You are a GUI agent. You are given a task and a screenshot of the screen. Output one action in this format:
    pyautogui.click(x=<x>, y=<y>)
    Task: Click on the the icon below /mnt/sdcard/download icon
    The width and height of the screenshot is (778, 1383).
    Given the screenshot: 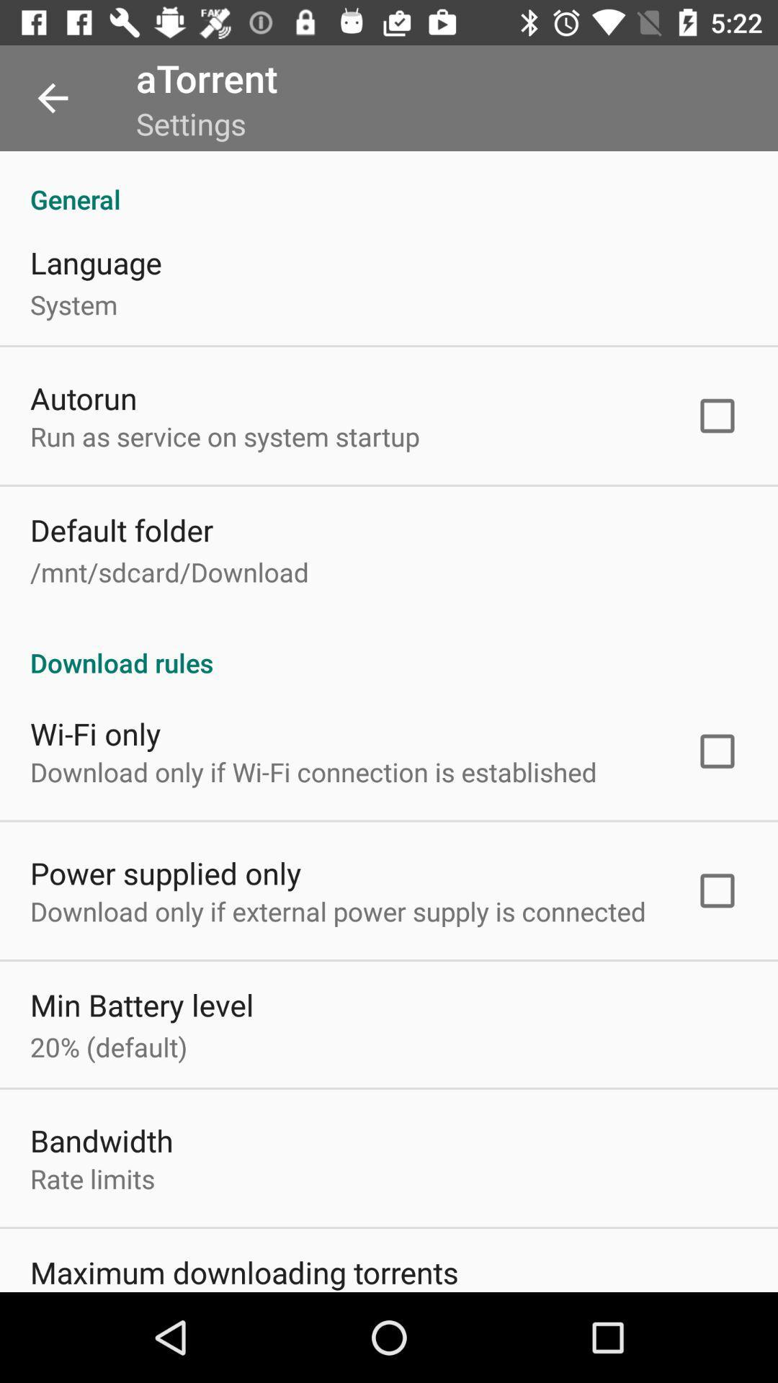 What is the action you would take?
    pyautogui.click(x=389, y=647)
    